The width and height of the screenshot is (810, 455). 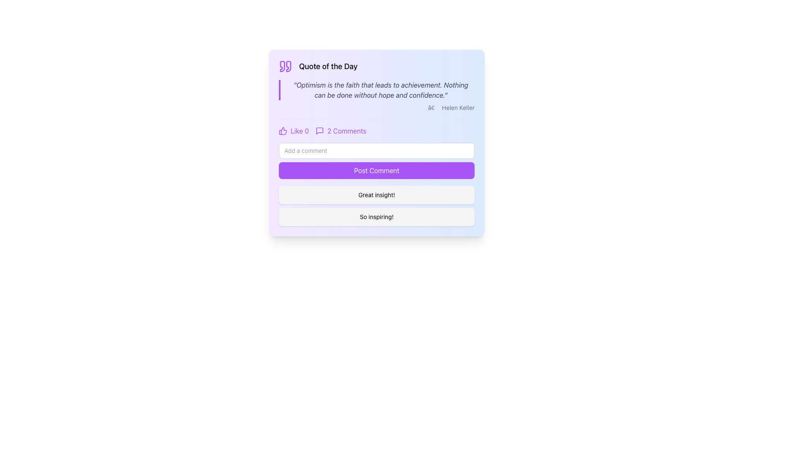 I want to click on the rectangular purple button labeled 'Post Comment', so click(x=376, y=171).